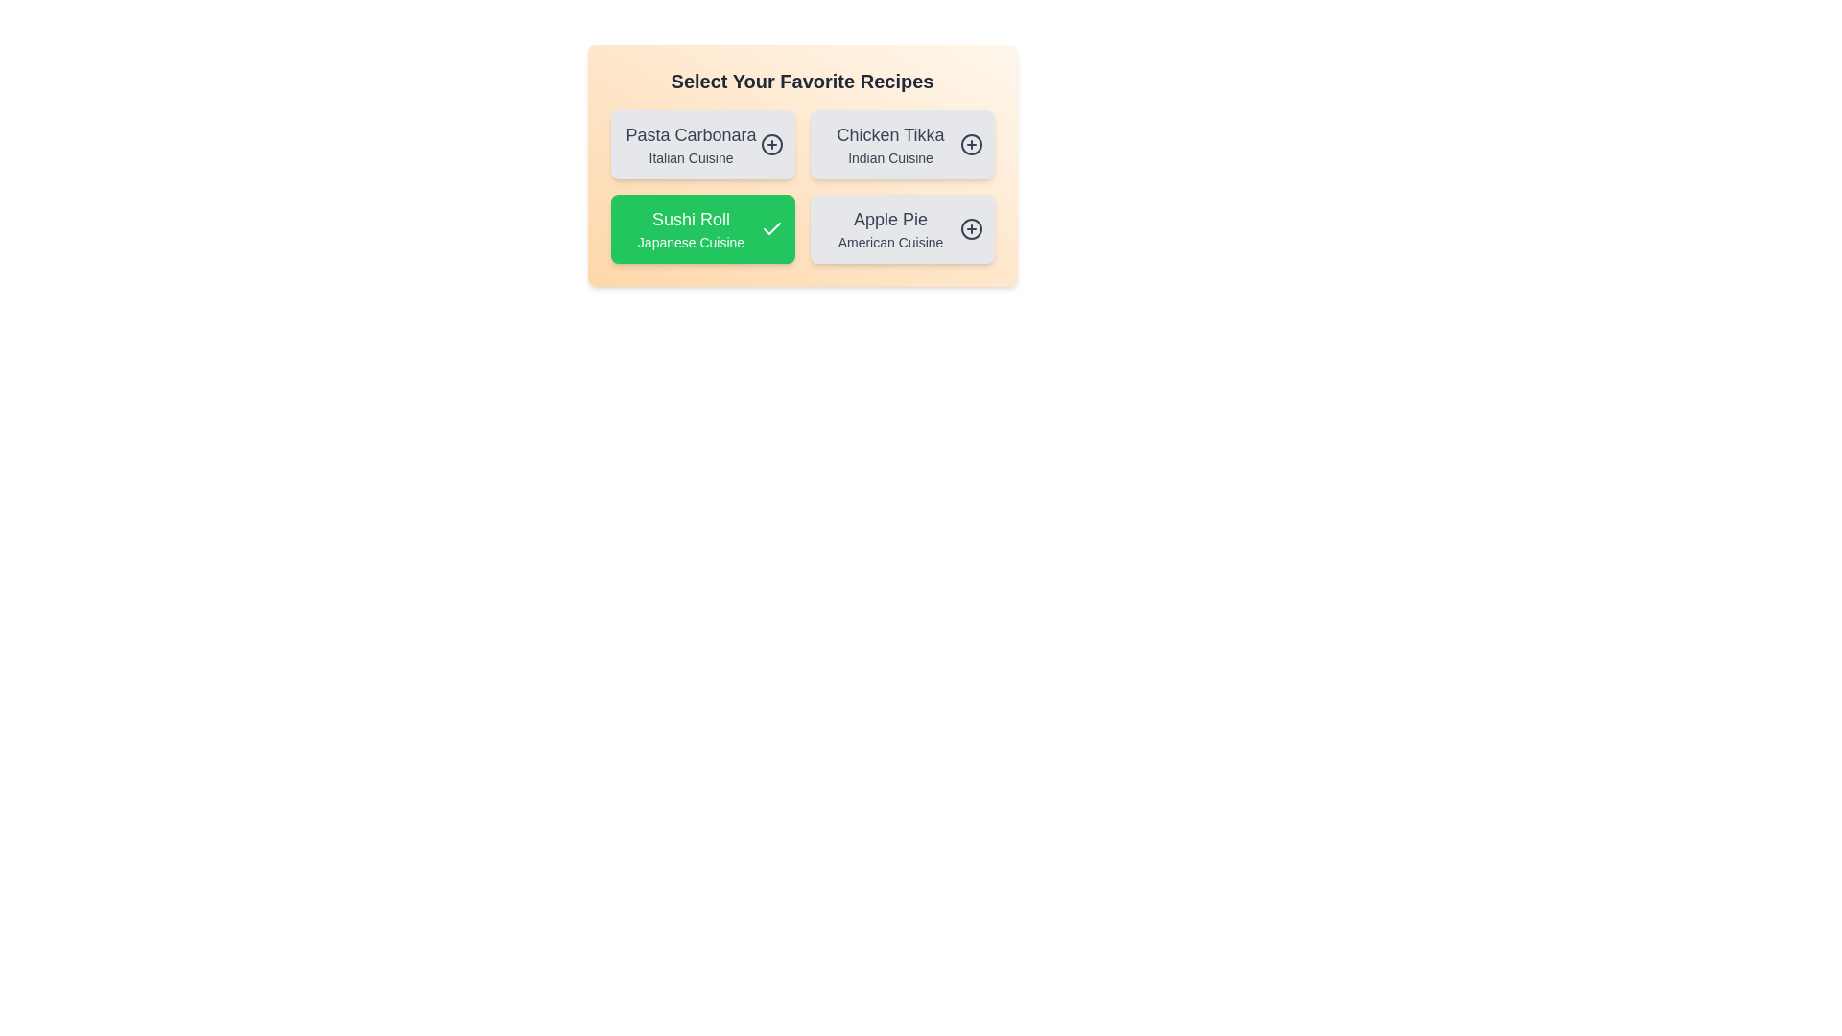 Image resolution: width=1842 pixels, height=1036 pixels. Describe the element at coordinates (901, 228) in the screenshot. I see `the recipe card for Apple Pie` at that location.